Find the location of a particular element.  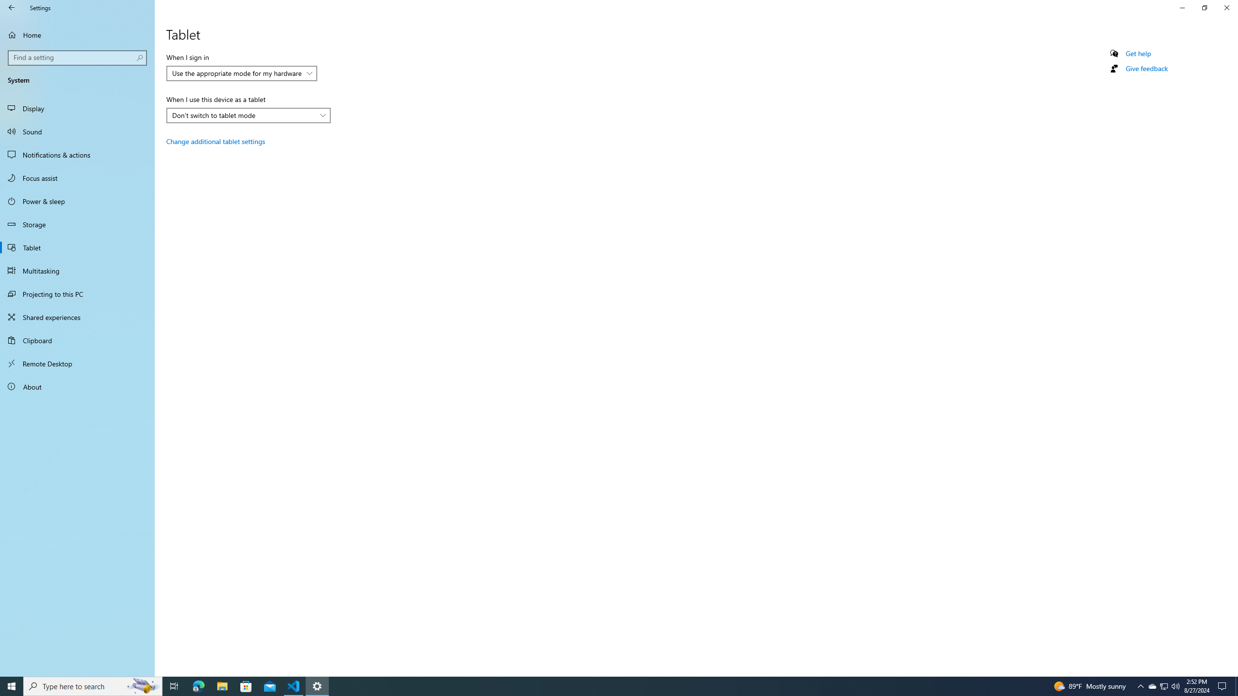

'Display' is located at coordinates (77, 107).